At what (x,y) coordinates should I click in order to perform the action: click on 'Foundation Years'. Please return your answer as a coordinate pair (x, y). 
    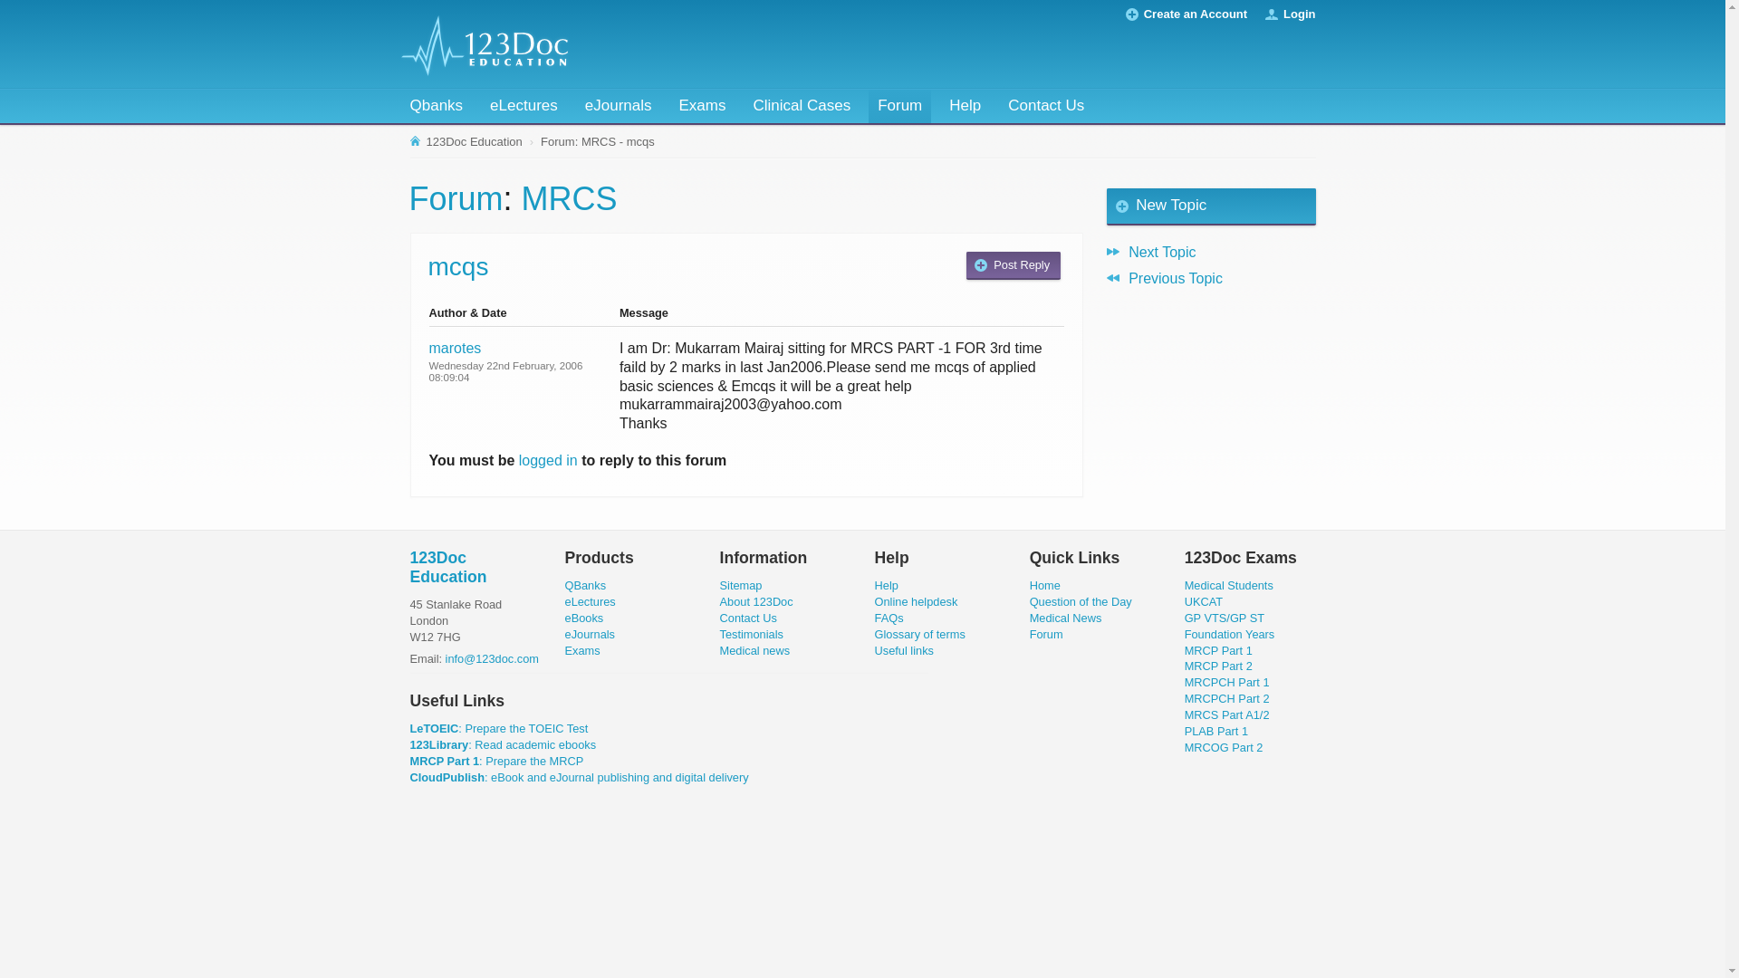
    Looking at the image, I should click on (1230, 633).